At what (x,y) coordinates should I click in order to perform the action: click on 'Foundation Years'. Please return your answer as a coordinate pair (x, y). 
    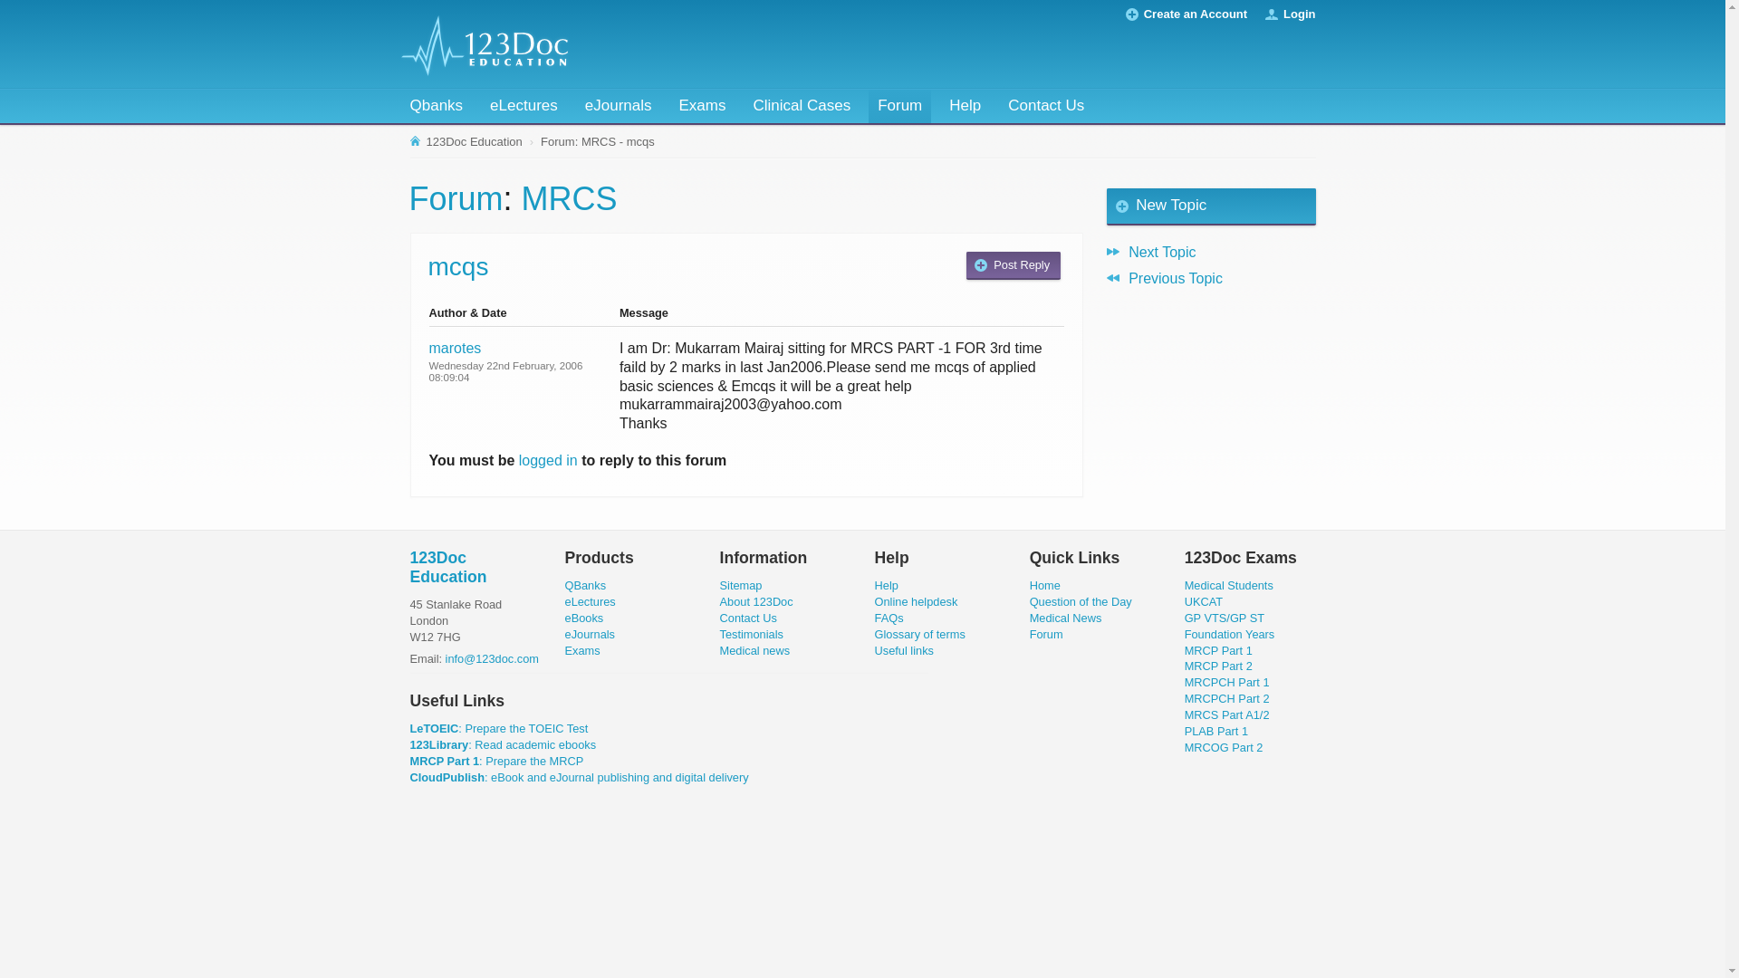
    Looking at the image, I should click on (1230, 633).